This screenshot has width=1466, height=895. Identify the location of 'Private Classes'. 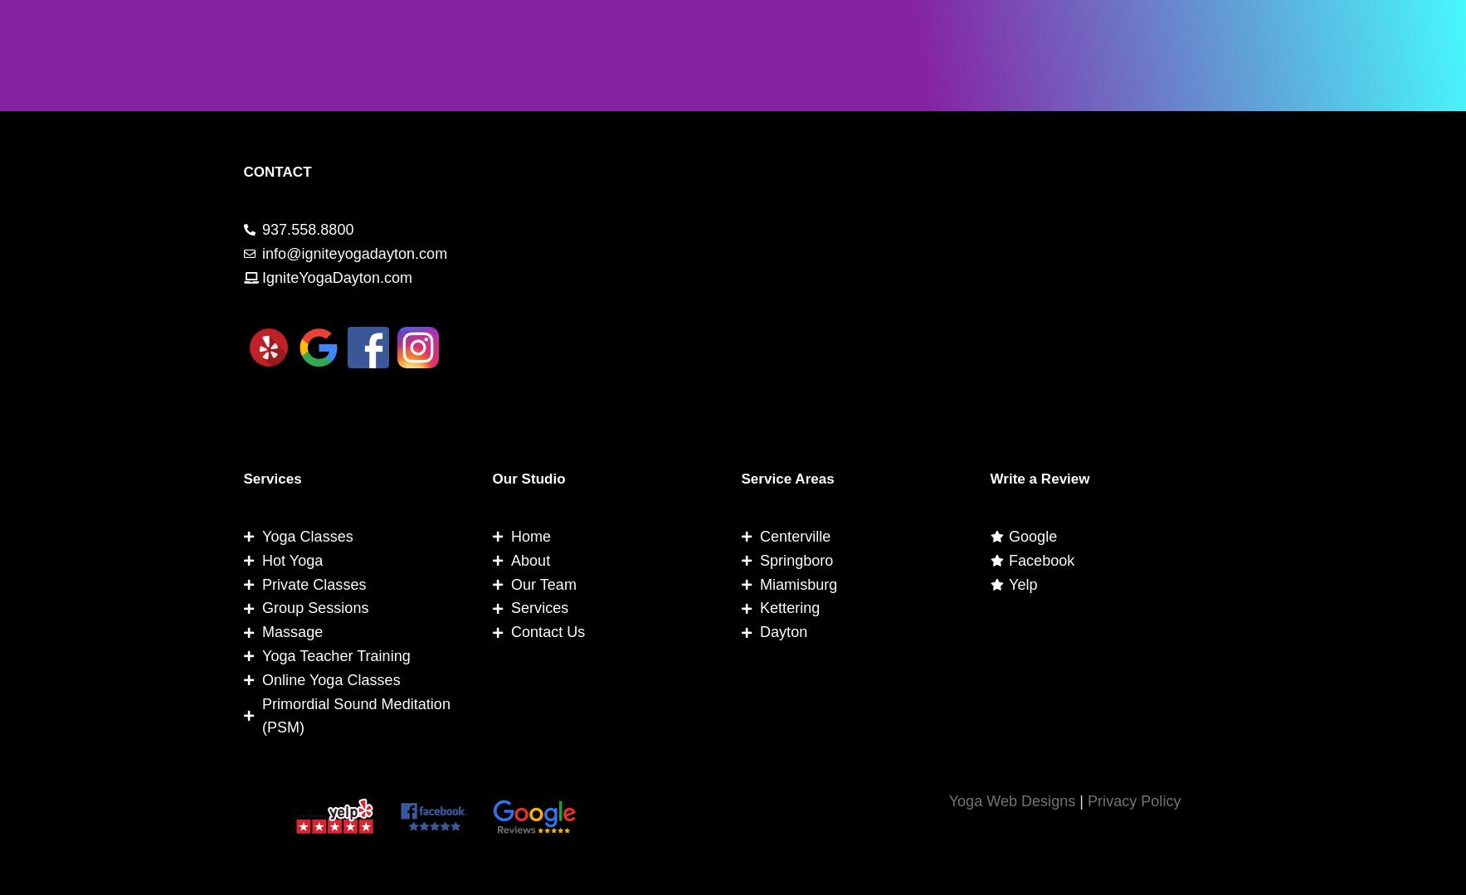
(314, 584).